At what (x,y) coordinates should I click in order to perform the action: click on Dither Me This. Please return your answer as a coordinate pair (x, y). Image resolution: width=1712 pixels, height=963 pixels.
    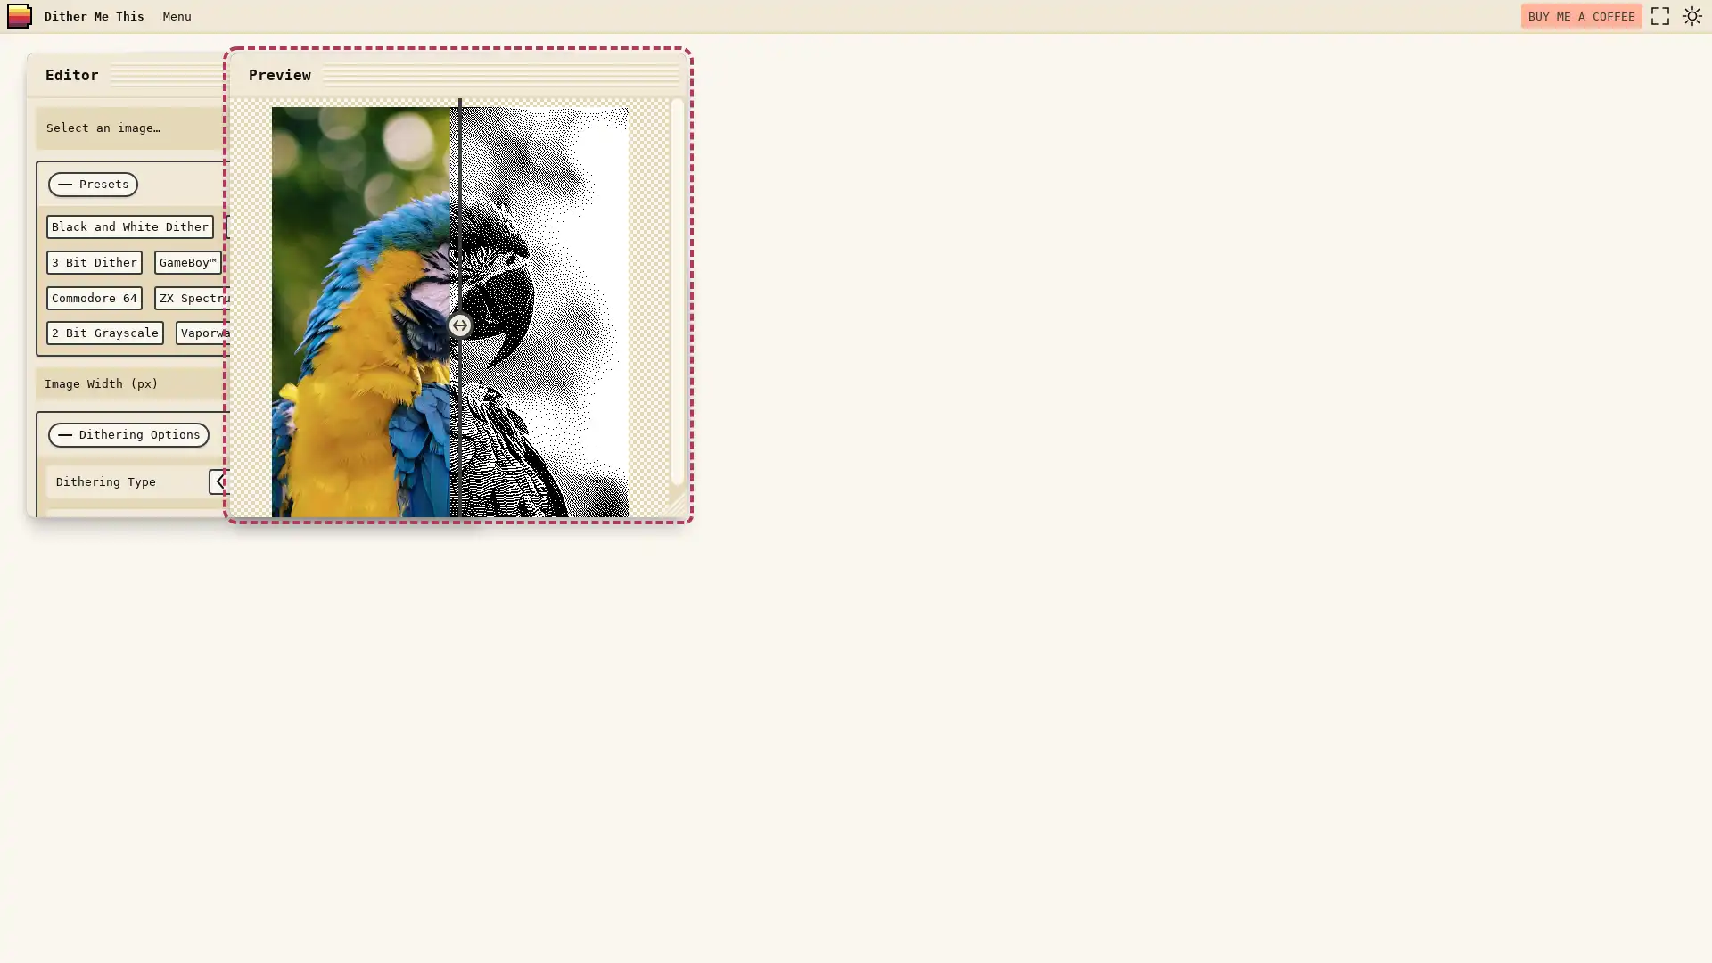
    Looking at the image, I should click on (93, 16).